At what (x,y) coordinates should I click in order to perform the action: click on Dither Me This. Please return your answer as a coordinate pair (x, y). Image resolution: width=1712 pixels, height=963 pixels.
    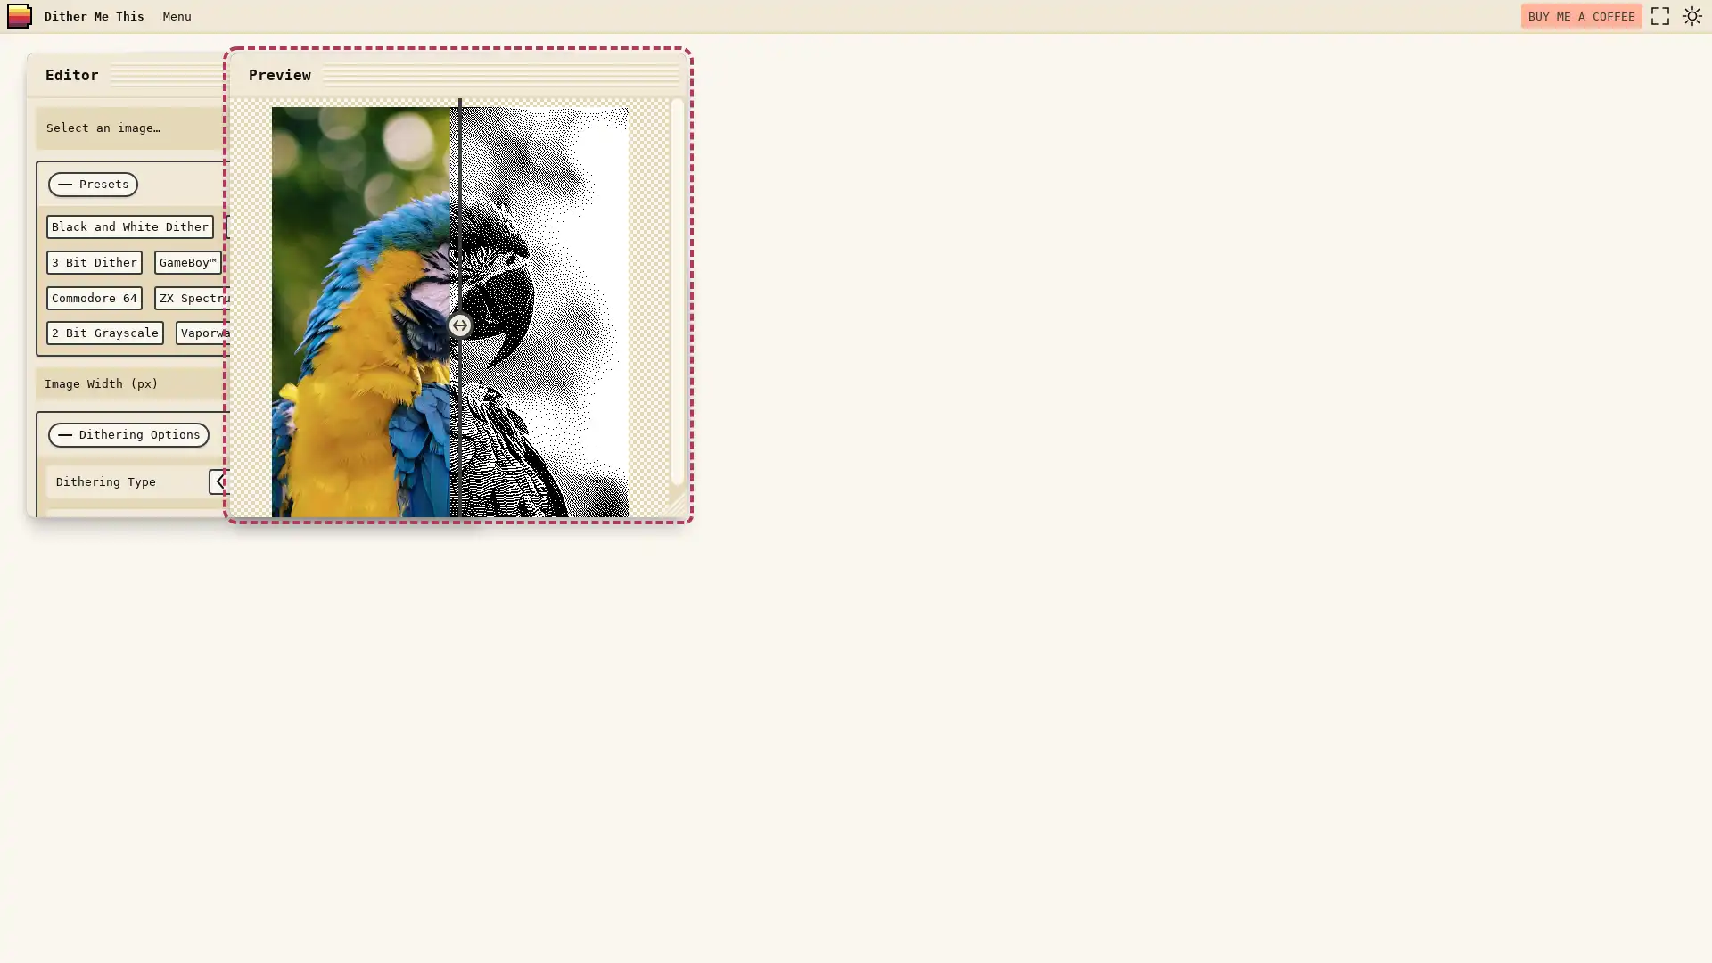
    Looking at the image, I should click on (93, 16).